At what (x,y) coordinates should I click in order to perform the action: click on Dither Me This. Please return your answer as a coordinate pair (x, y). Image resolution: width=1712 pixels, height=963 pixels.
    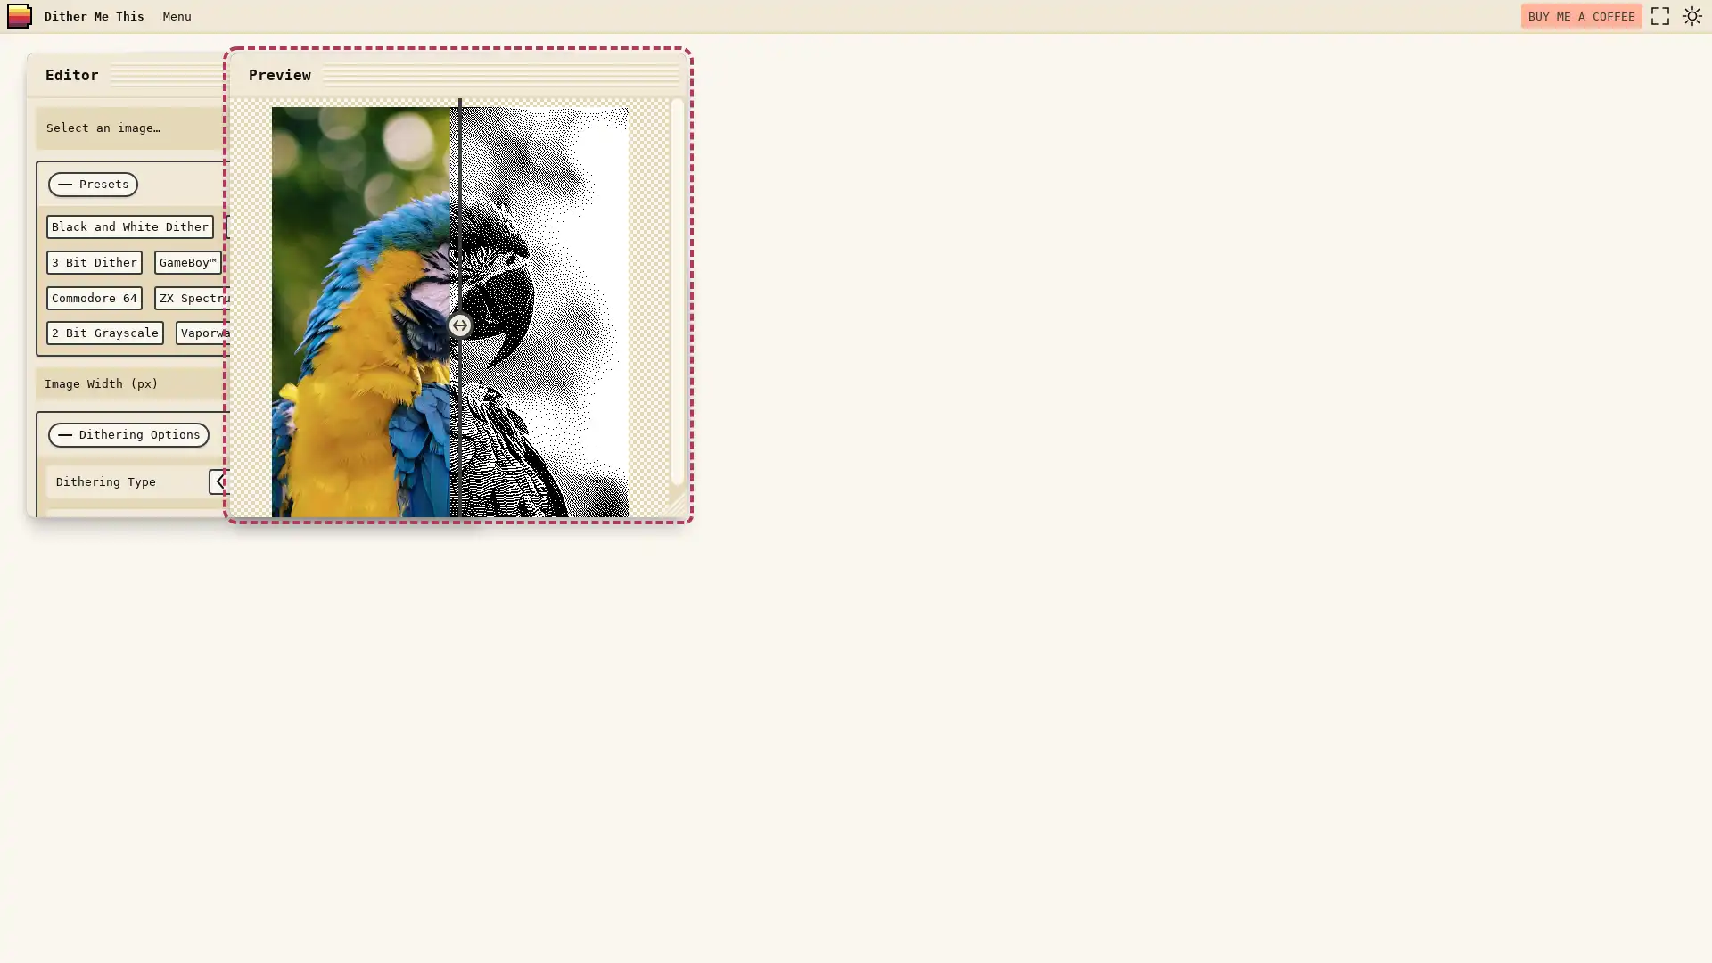
    Looking at the image, I should click on (93, 16).